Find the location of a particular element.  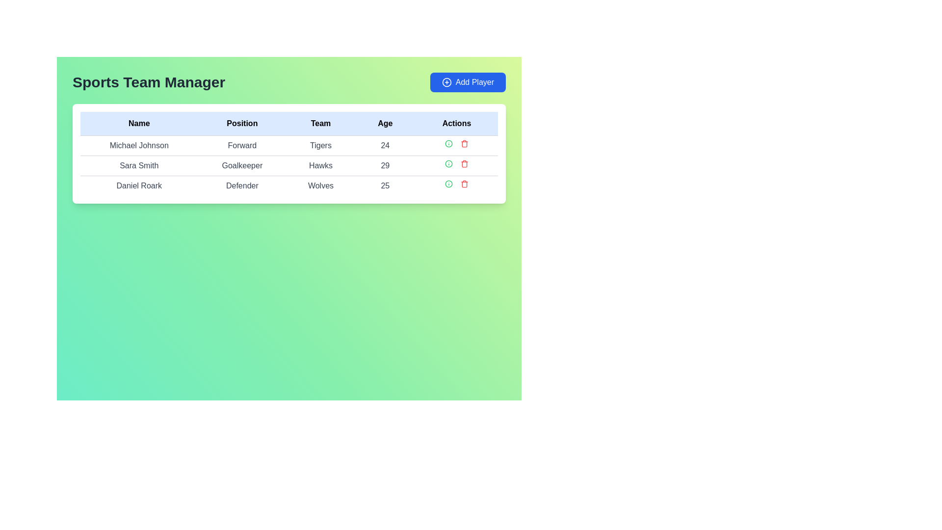

the text element displaying the number '25' in muted gray within the 'Age' column of the last row for player 'Daniel Roark' from the 'Wolves' team is located at coordinates (385, 185).